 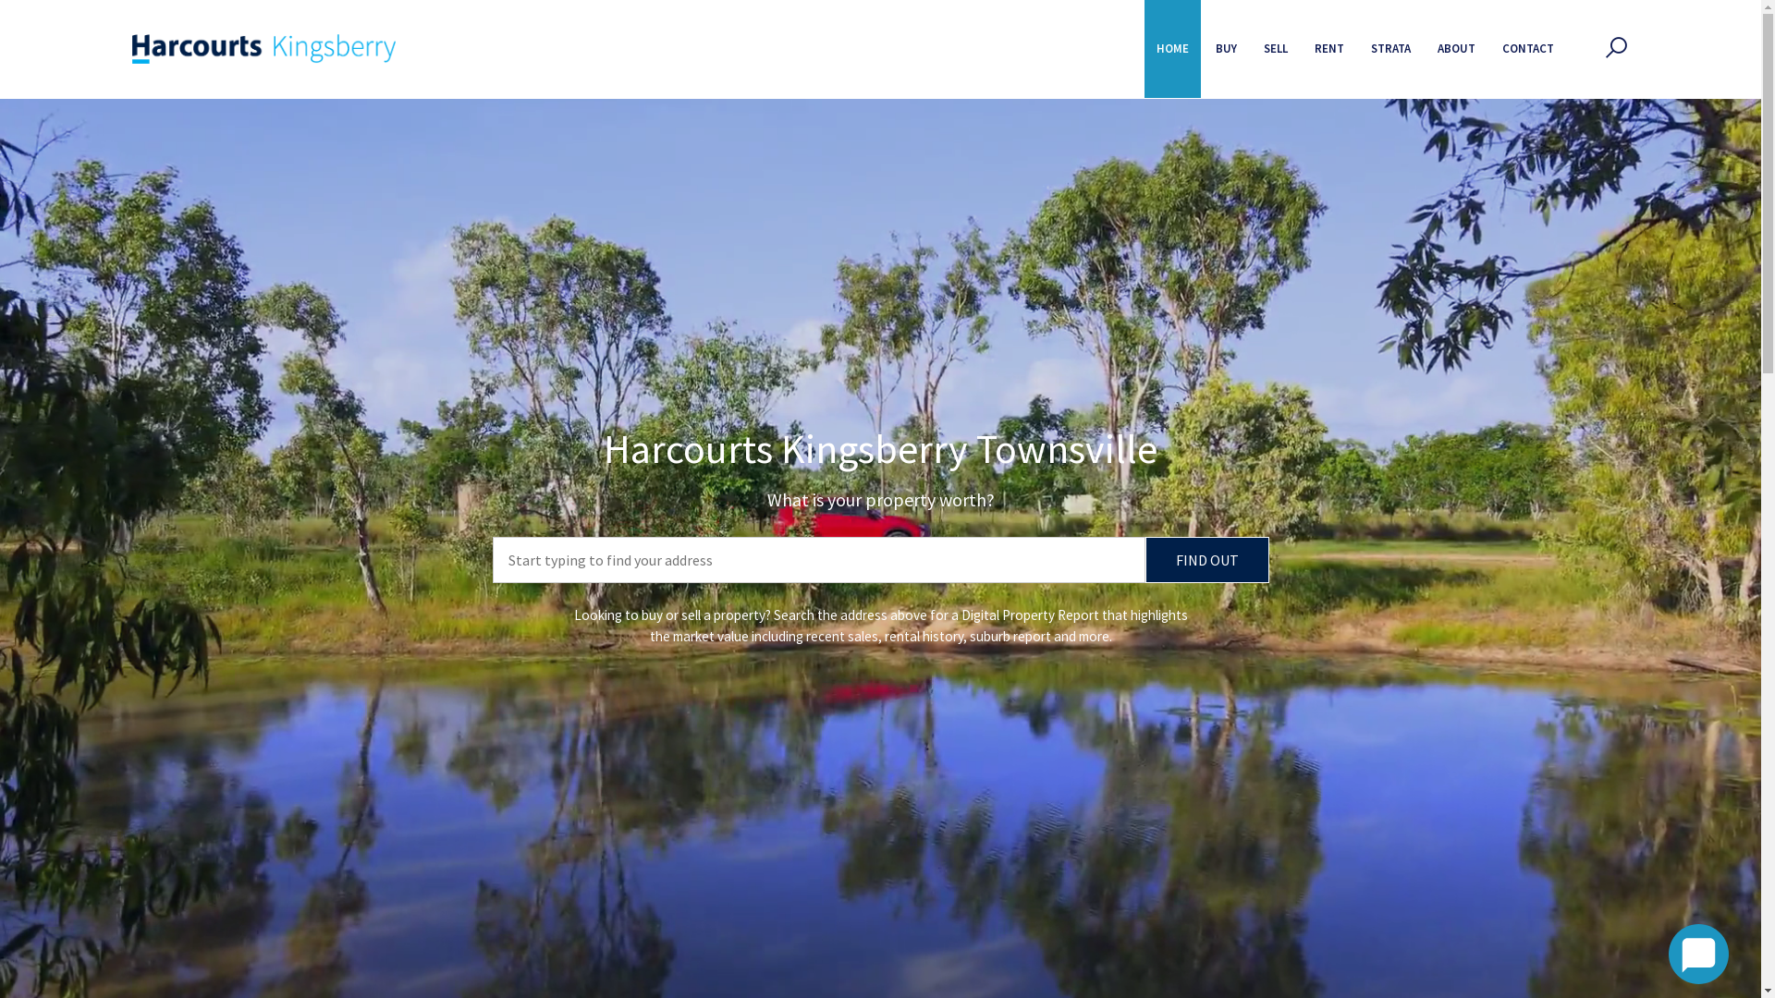 I want to click on 'SELL', so click(x=1275, y=48).